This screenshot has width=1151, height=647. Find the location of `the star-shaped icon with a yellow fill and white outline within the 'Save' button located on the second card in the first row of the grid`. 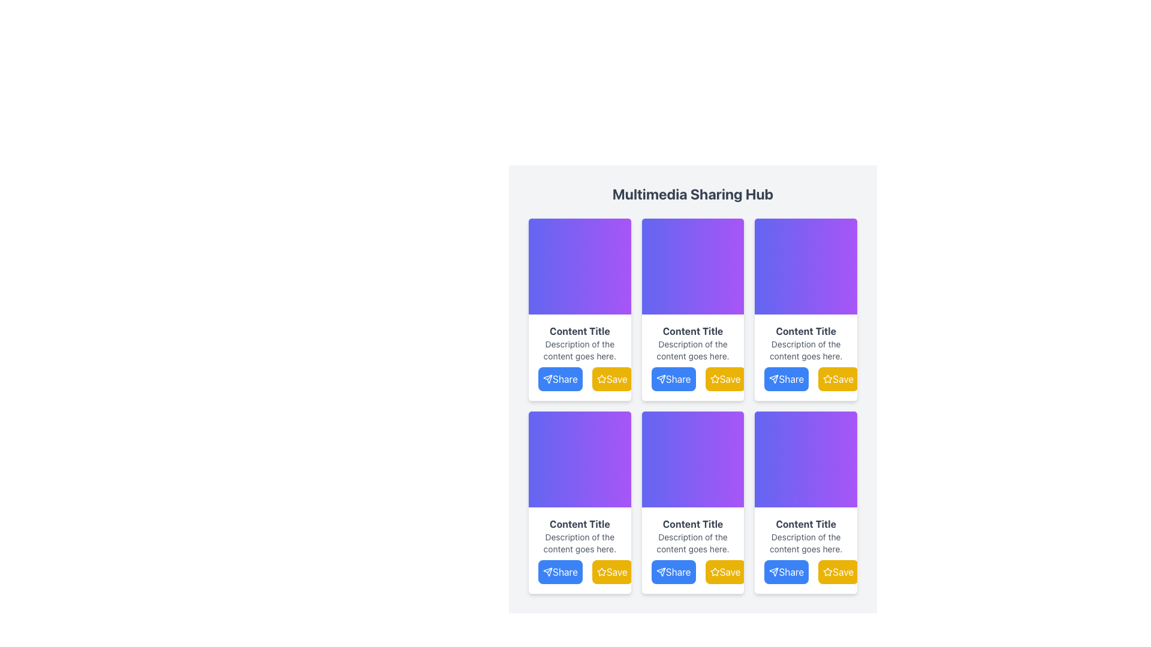

the star-shaped icon with a yellow fill and white outline within the 'Save' button located on the second card in the first row of the grid is located at coordinates (601, 379).